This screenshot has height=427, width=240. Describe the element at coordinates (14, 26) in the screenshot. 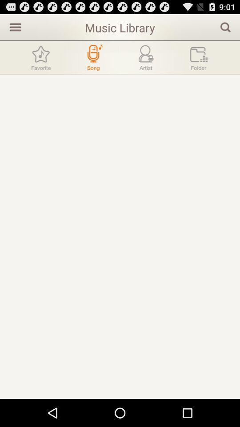

I see `more options` at that location.